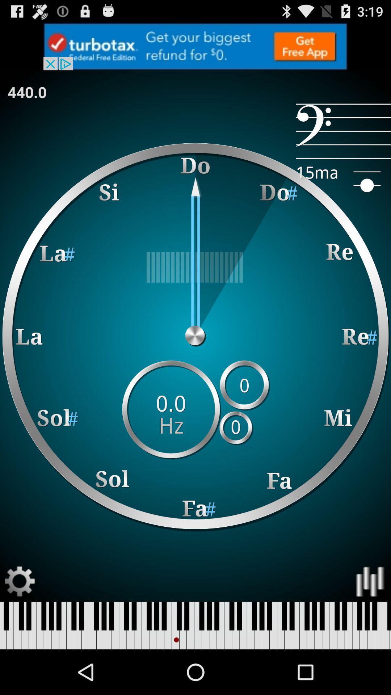 The image size is (391, 695). Describe the element at coordinates (20, 622) in the screenshot. I see `the settings icon` at that location.